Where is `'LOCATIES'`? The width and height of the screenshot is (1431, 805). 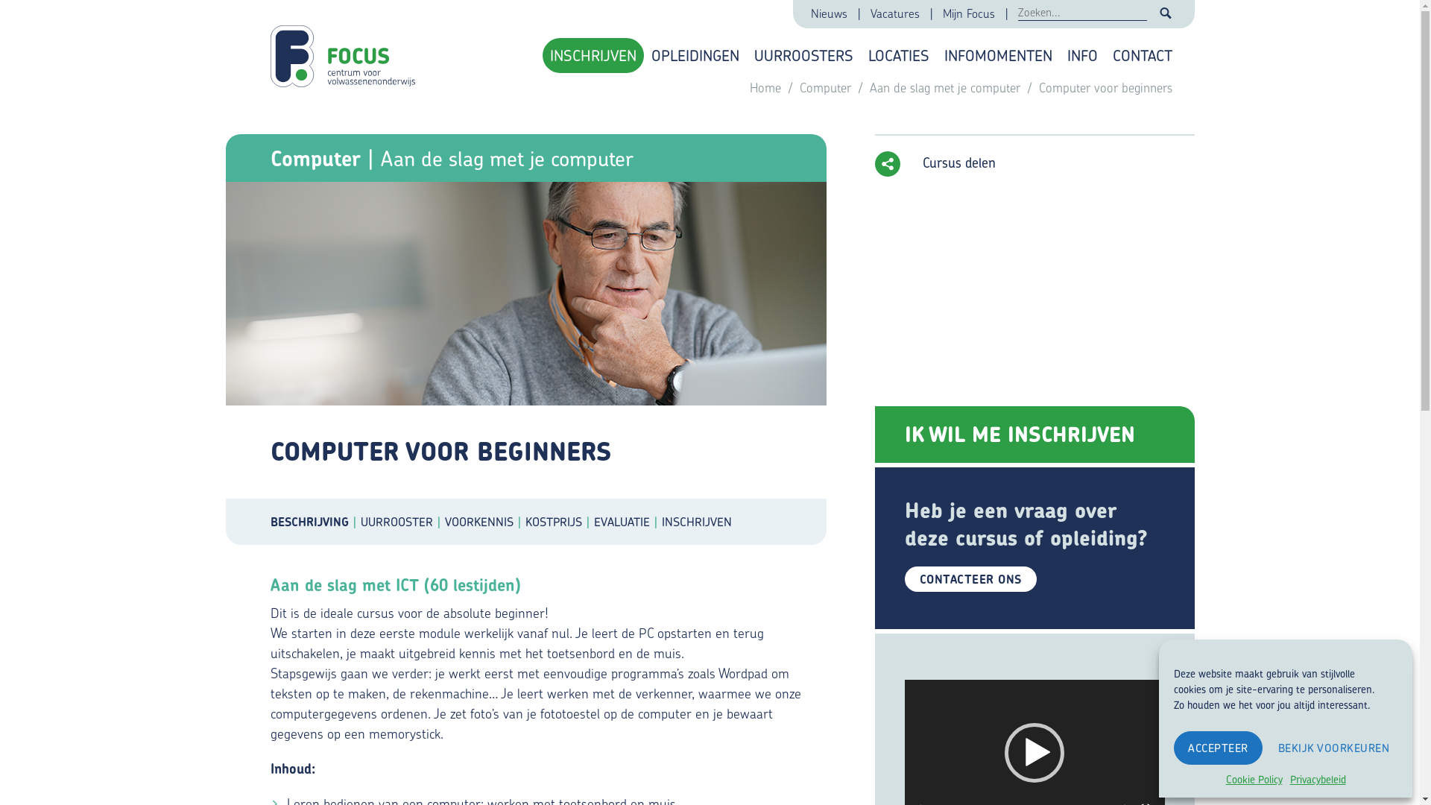 'LOCATIES' is located at coordinates (897, 54).